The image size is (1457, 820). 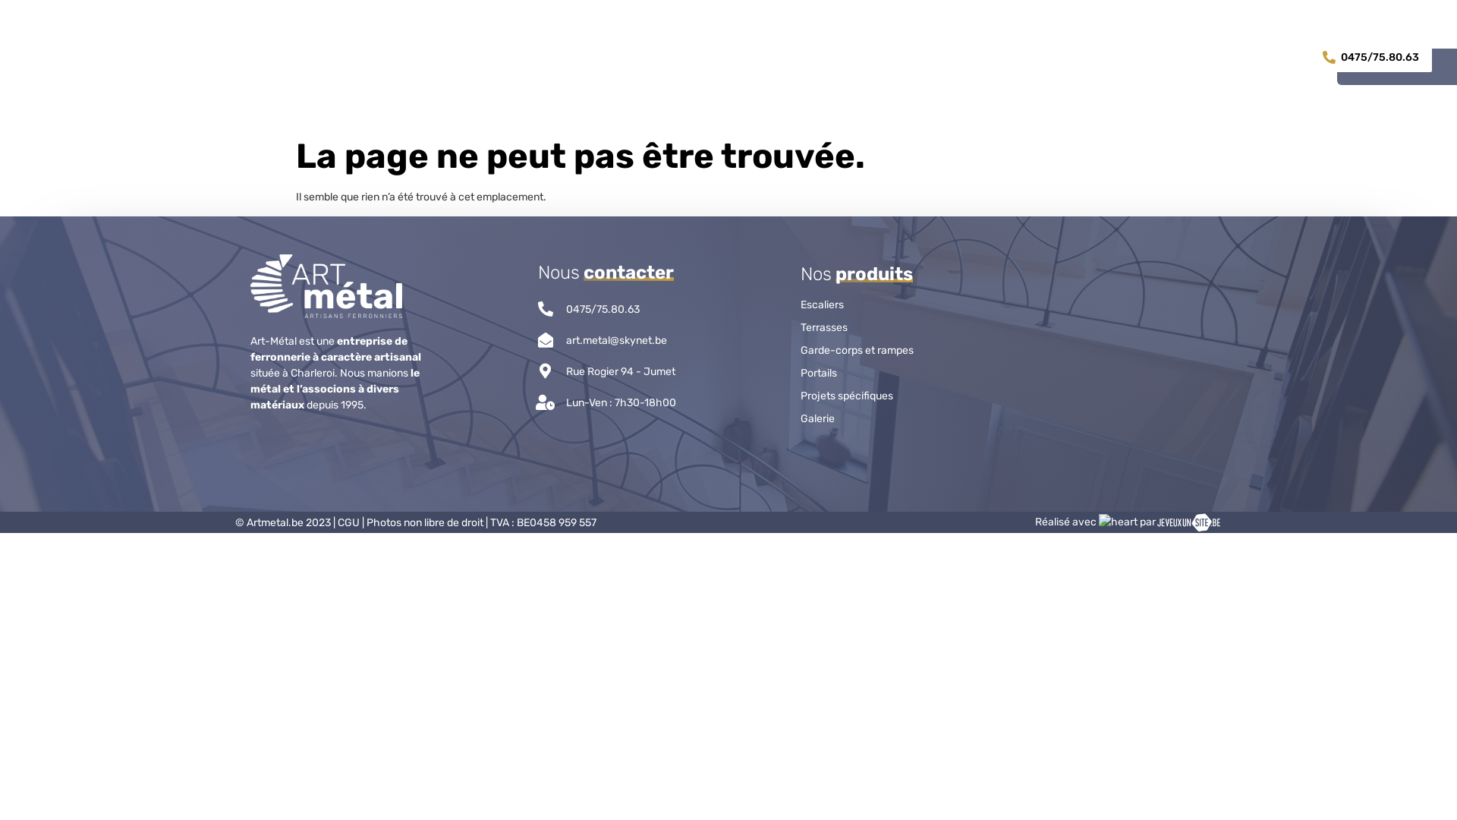 I want to click on 'Terrasses', so click(x=873, y=327).